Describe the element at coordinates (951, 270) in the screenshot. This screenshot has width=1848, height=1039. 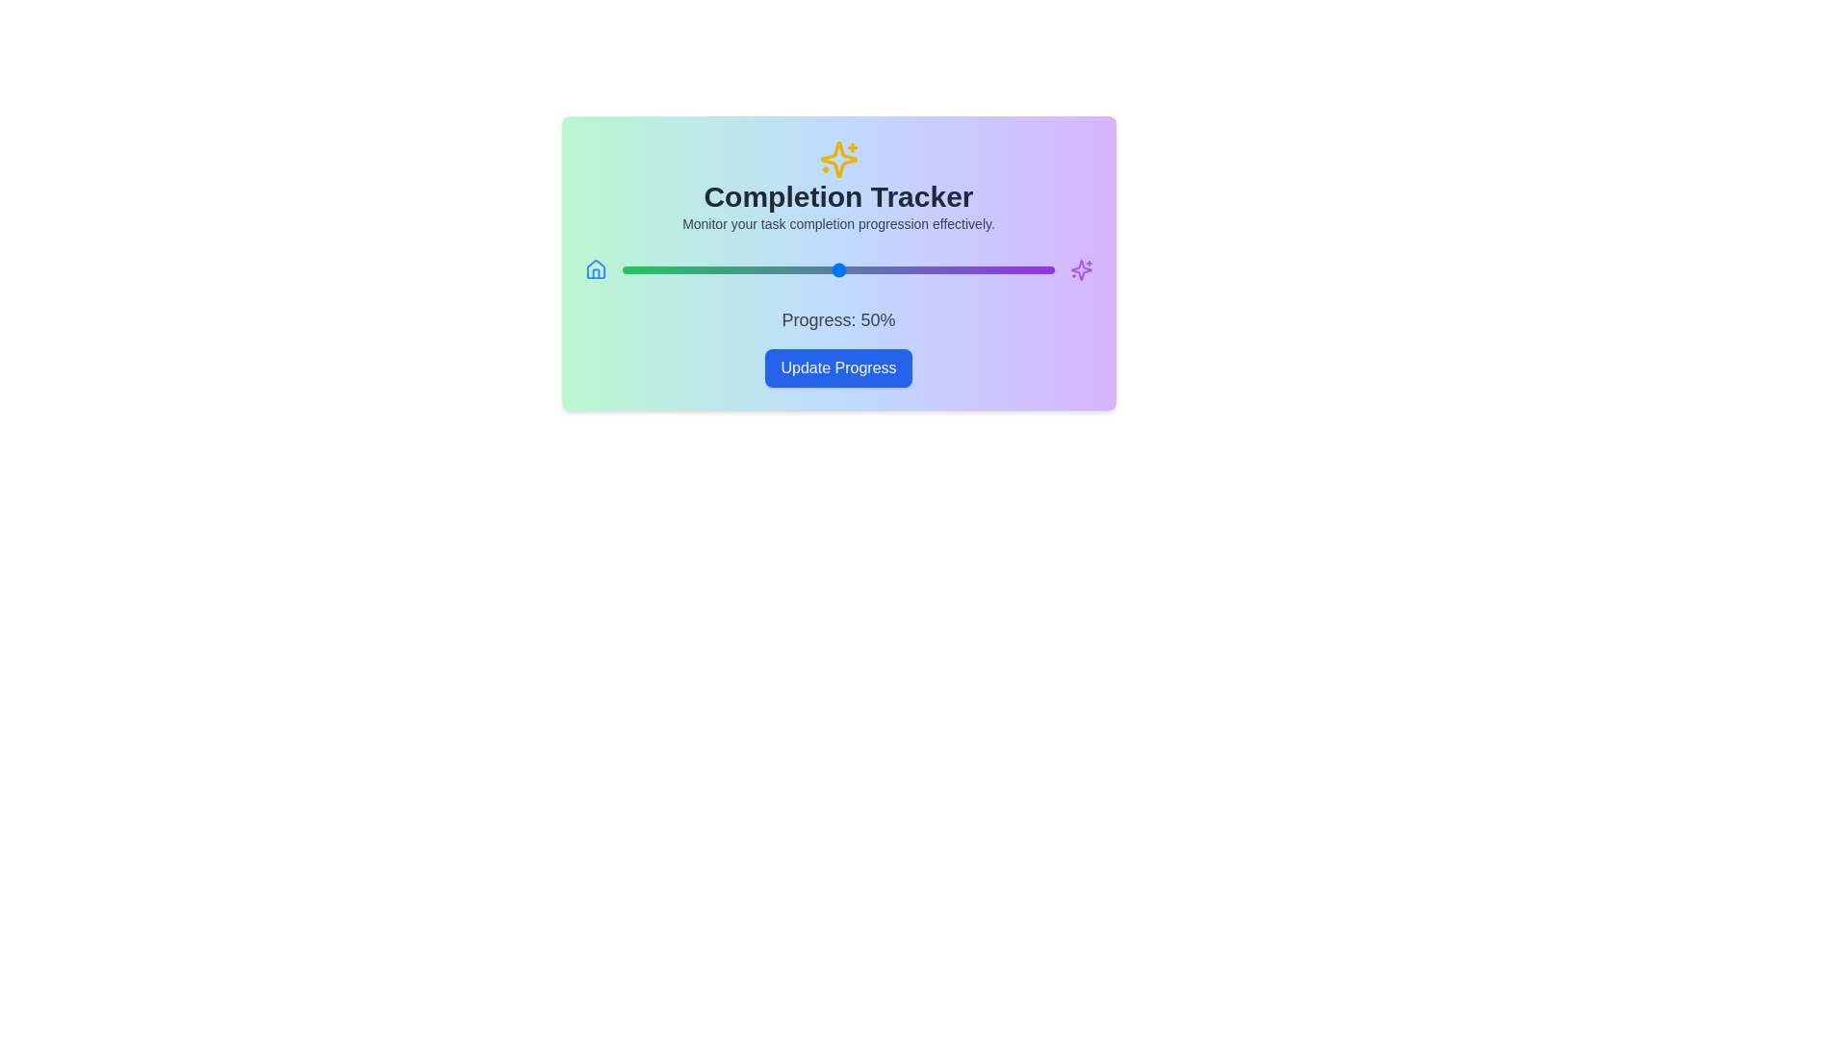
I see `the slider to set progress to 76%` at that location.